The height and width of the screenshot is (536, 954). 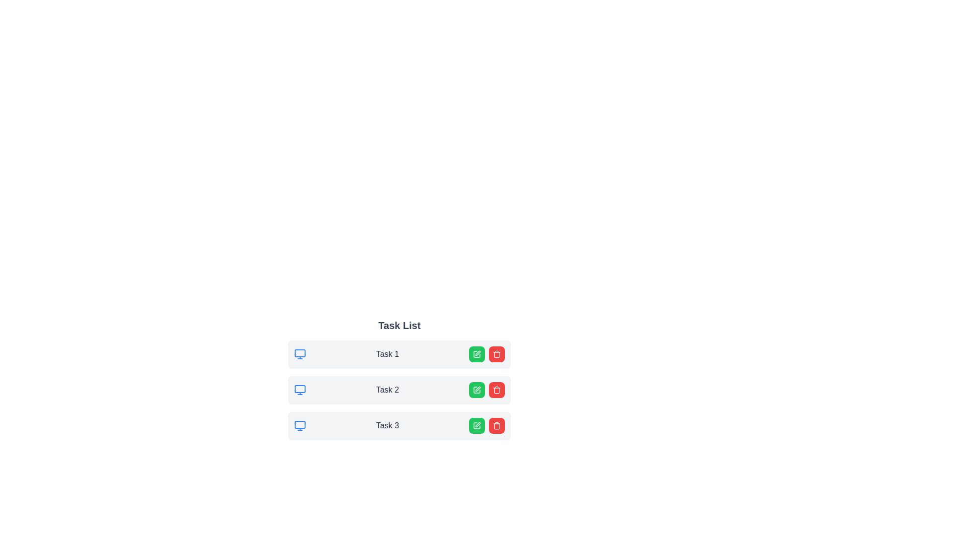 I want to click on leftmost Rectangular SVG shape that serves as part of an icon for the first task in the task list interface, so click(x=300, y=353).